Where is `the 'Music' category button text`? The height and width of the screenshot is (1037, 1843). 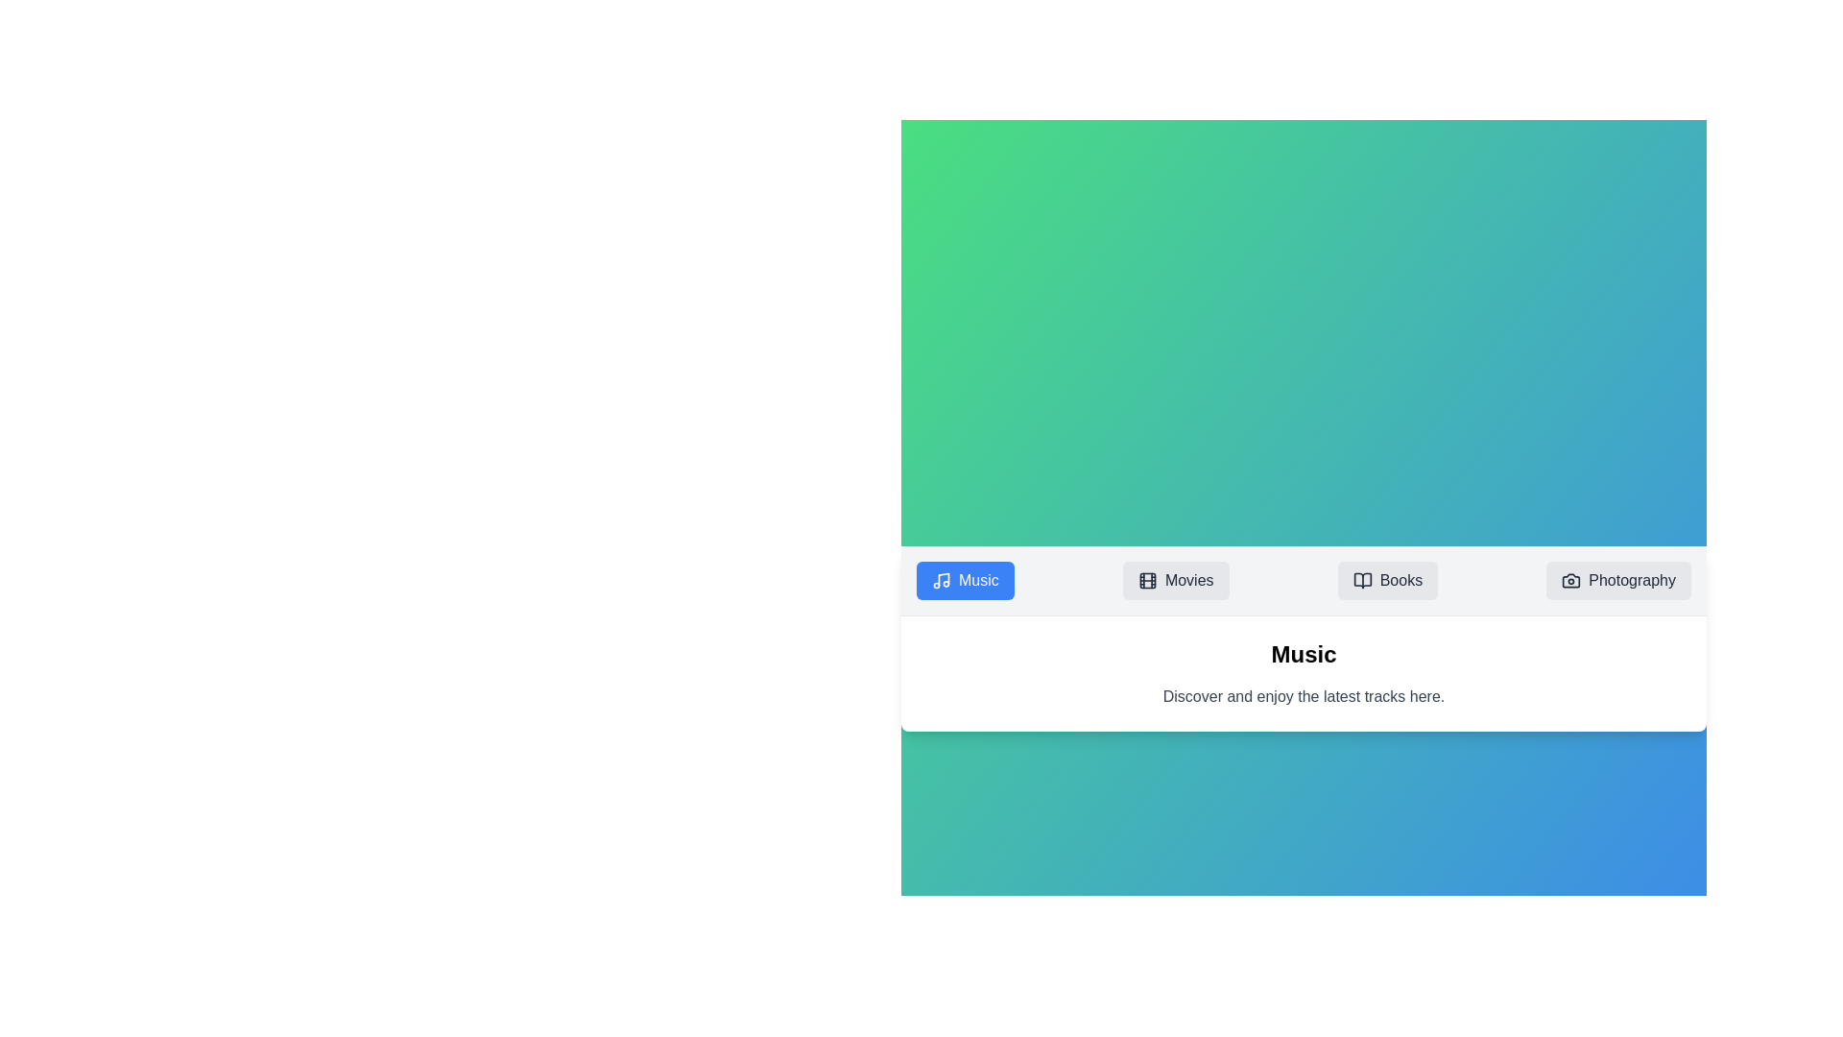 the 'Music' category button text is located at coordinates (978, 579).